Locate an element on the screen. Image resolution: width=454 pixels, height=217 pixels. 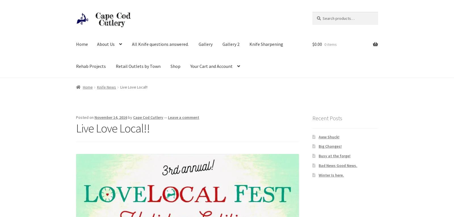
'Knife News' is located at coordinates (106, 87).